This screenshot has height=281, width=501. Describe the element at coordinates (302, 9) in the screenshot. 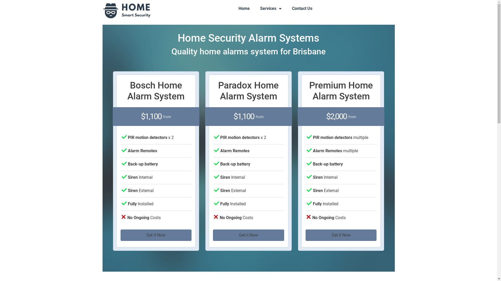

I see `'Contact Us'` at that location.